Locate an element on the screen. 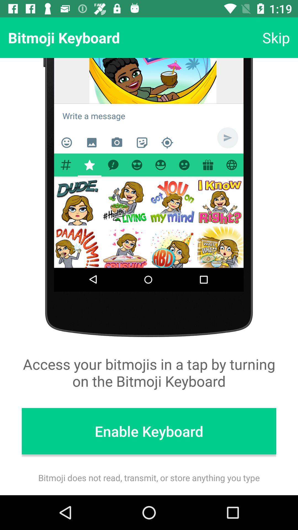 This screenshot has width=298, height=530. the enable keyboard icon is located at coordinates (149, 431).